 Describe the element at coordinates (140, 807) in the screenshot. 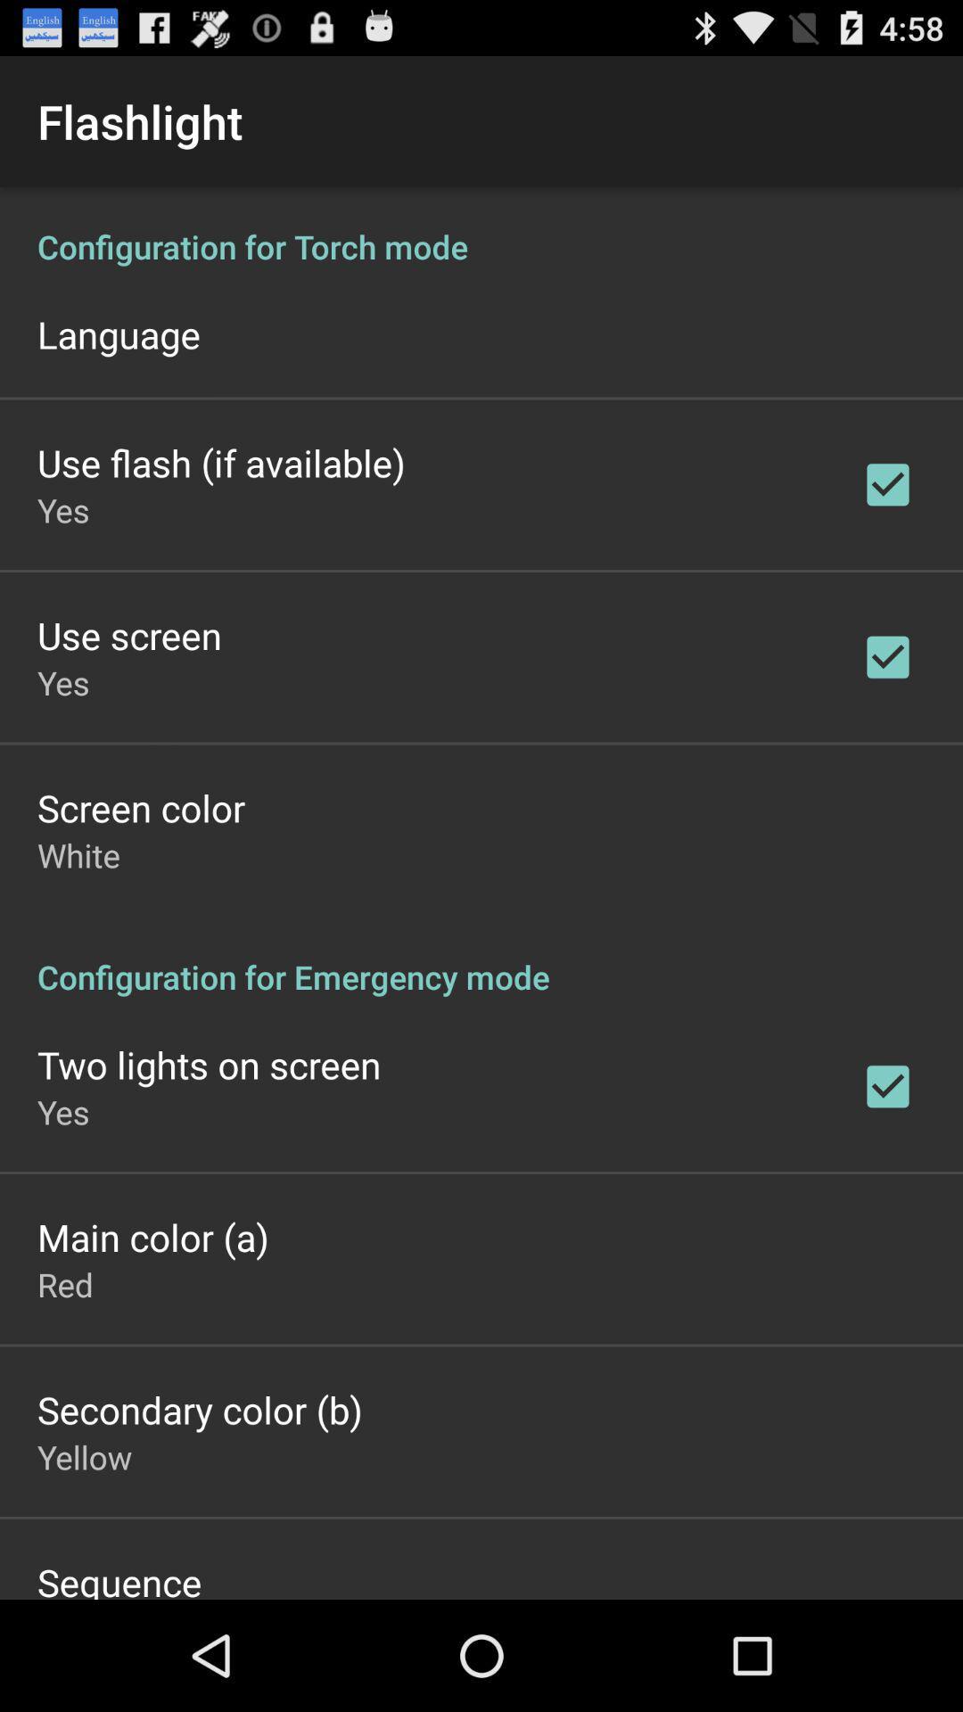

I see `icon above the white app` at that location.